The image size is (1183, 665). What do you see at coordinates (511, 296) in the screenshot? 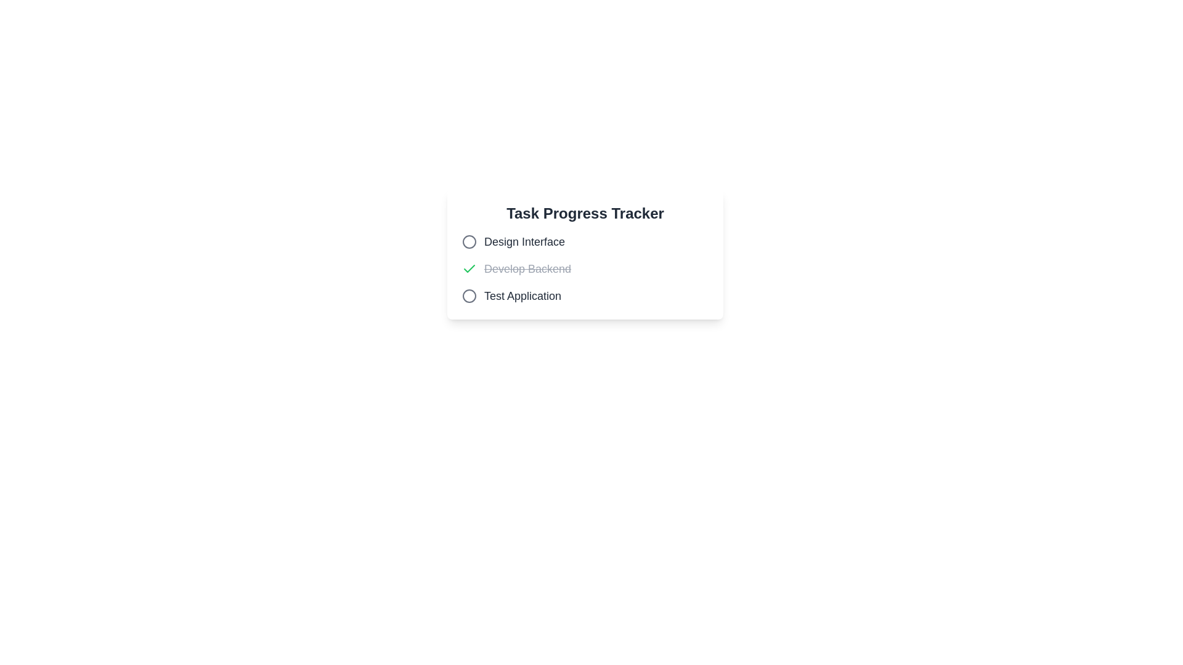
I see `the third list item in the vertically stacked list` at bounding box center [511, 296].